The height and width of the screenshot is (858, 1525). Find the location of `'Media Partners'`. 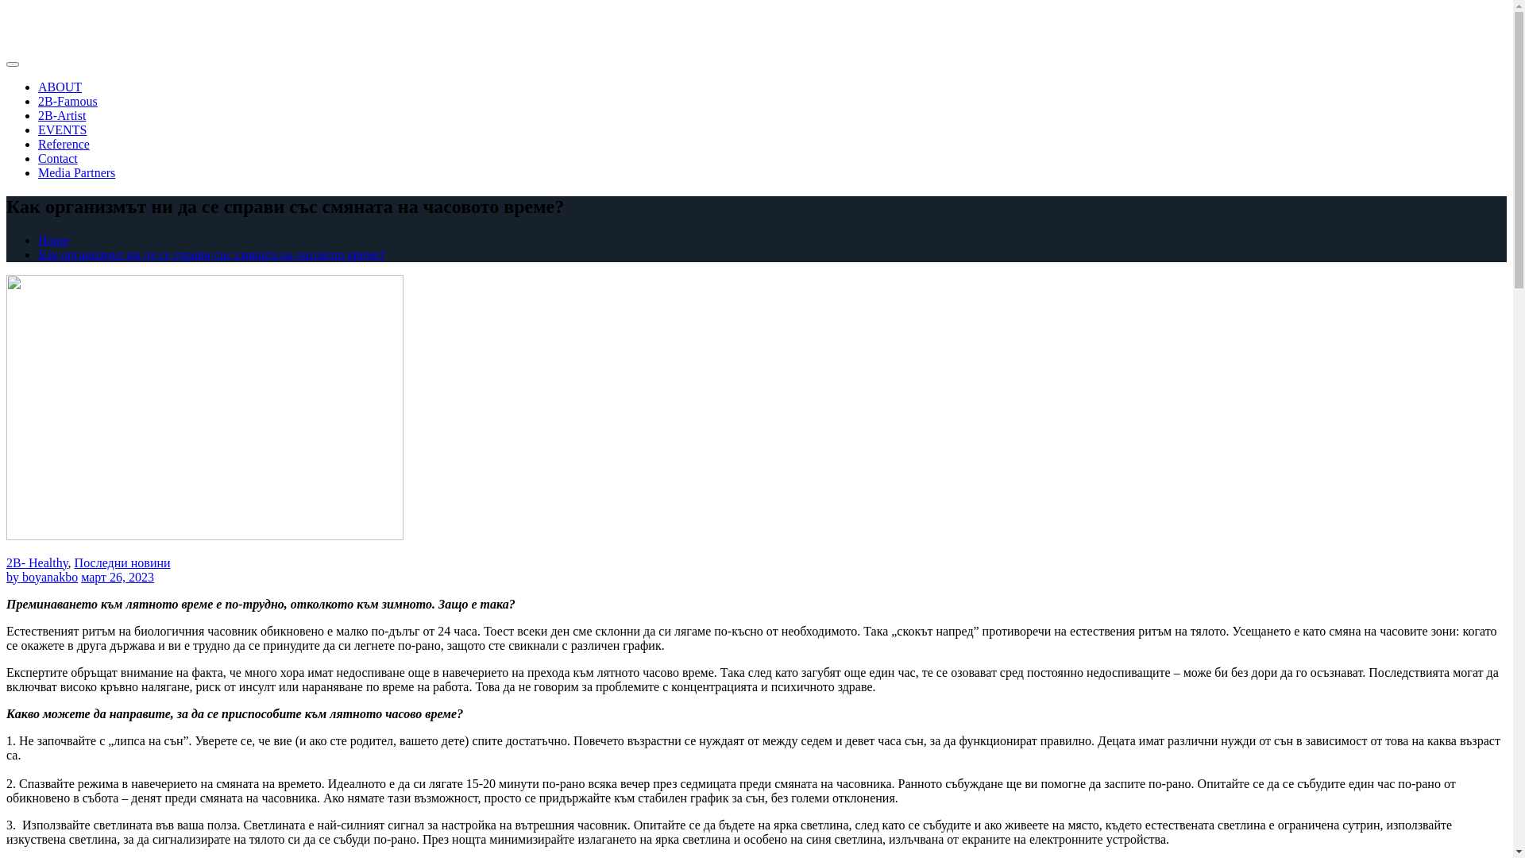

'Media Partners' is located at coordinates (38, 172).